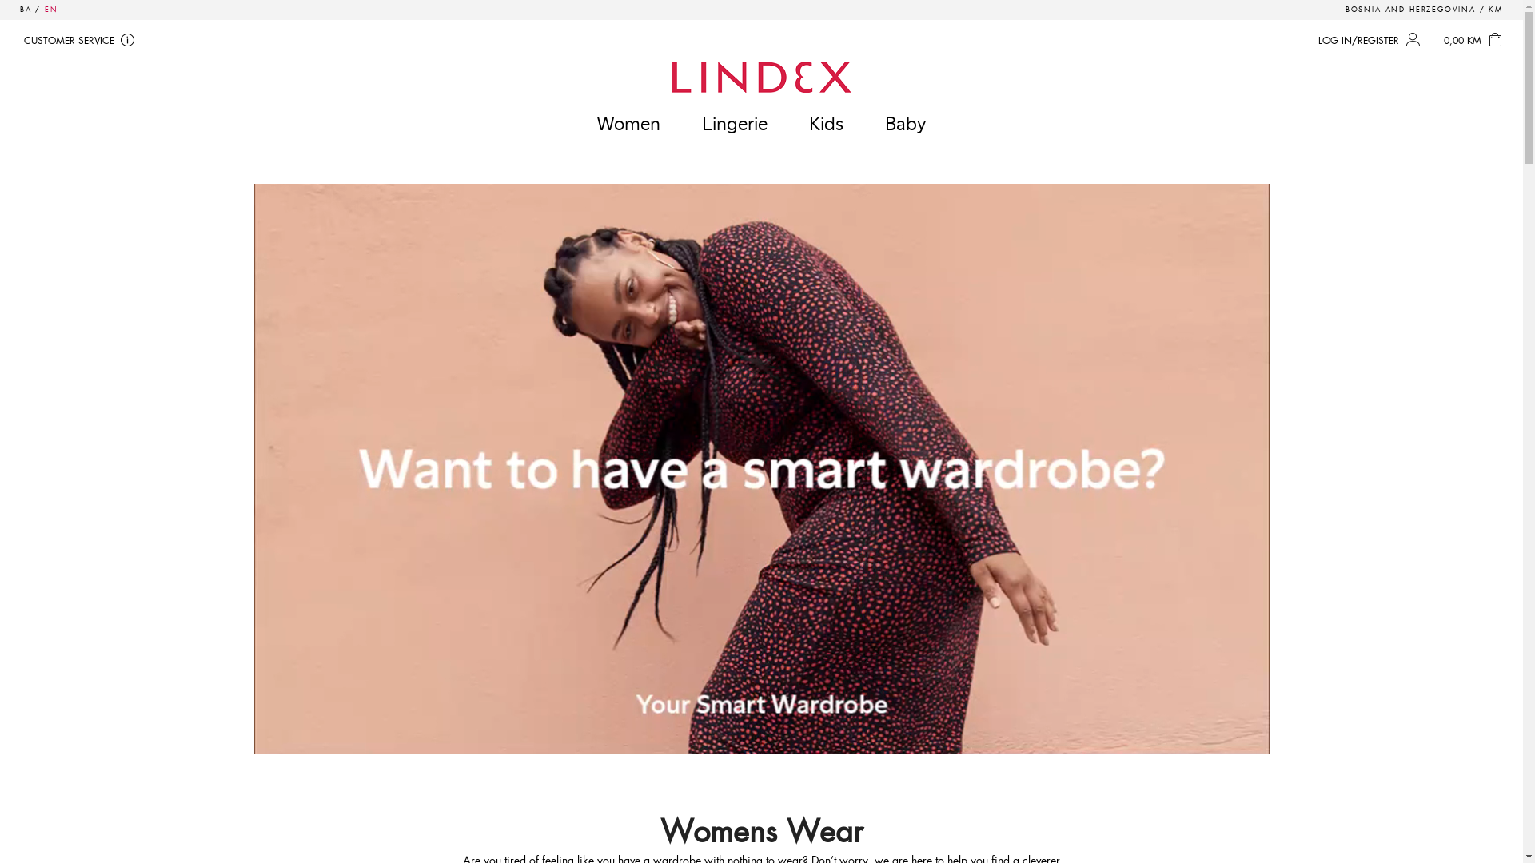 This screenshot has width=1535, height=863. Describe the element at coordinates (51, 9) in the screenshot. I see `'EN'` at that location.